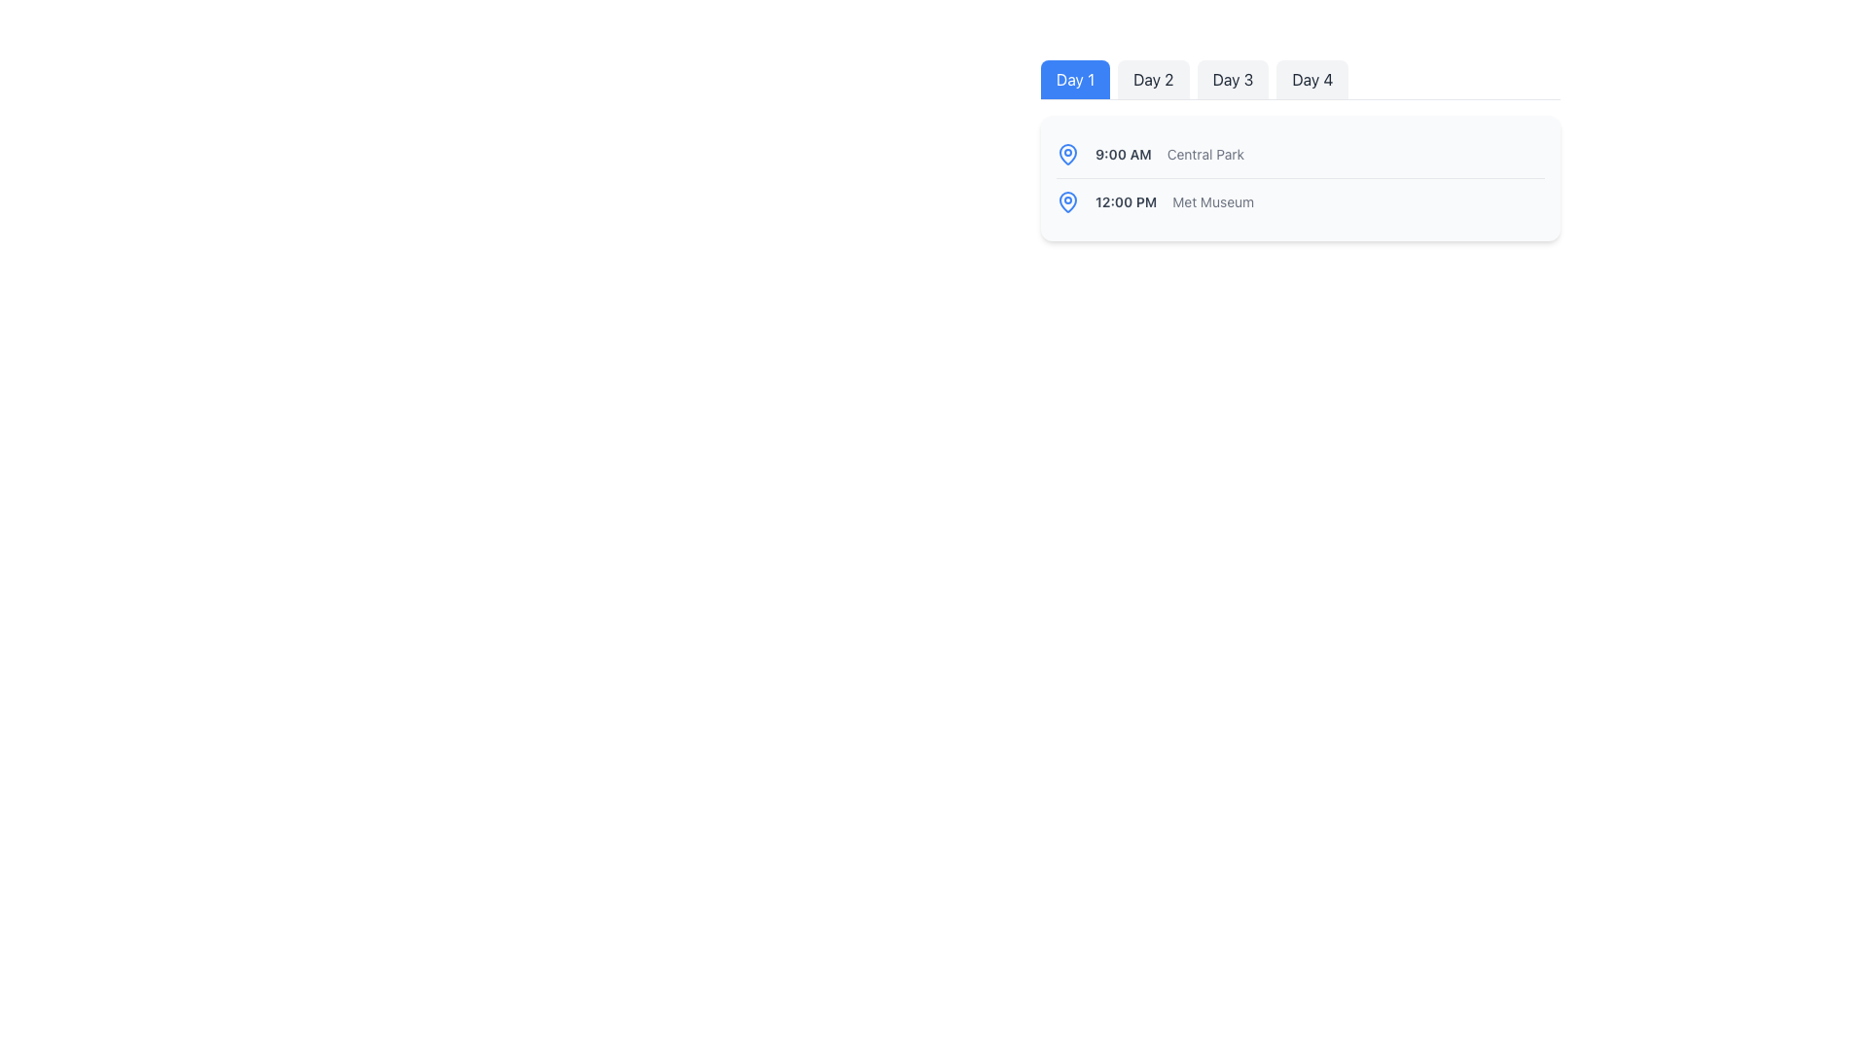 This screenshot has width=1868, height=1051. I want to click on the 'Day 4' button using keyboard navigation, so click(1312, 78).